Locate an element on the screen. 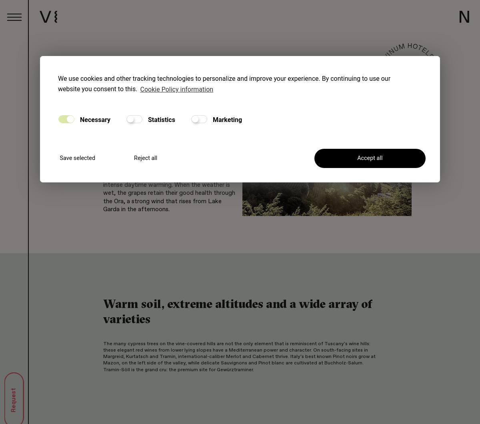 The width and height of the screenshot is (480, 424). 'We use cookies and other tracking technologies to personalize and improve your experience. By continuing to use our website you consent to this.' is located at coordinates (224, 83).